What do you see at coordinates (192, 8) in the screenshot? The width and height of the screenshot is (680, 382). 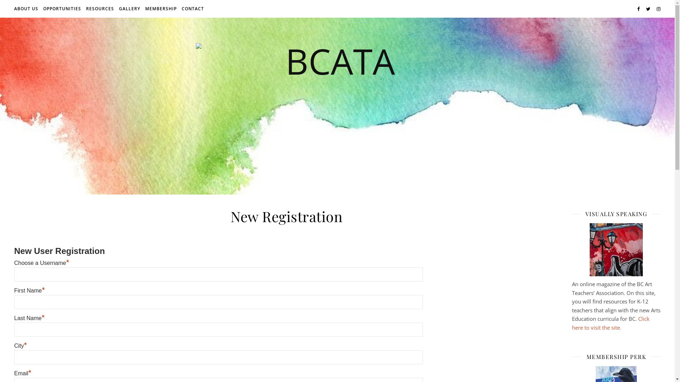 I see `'CONTACT'` at bounding box center [192, 8].